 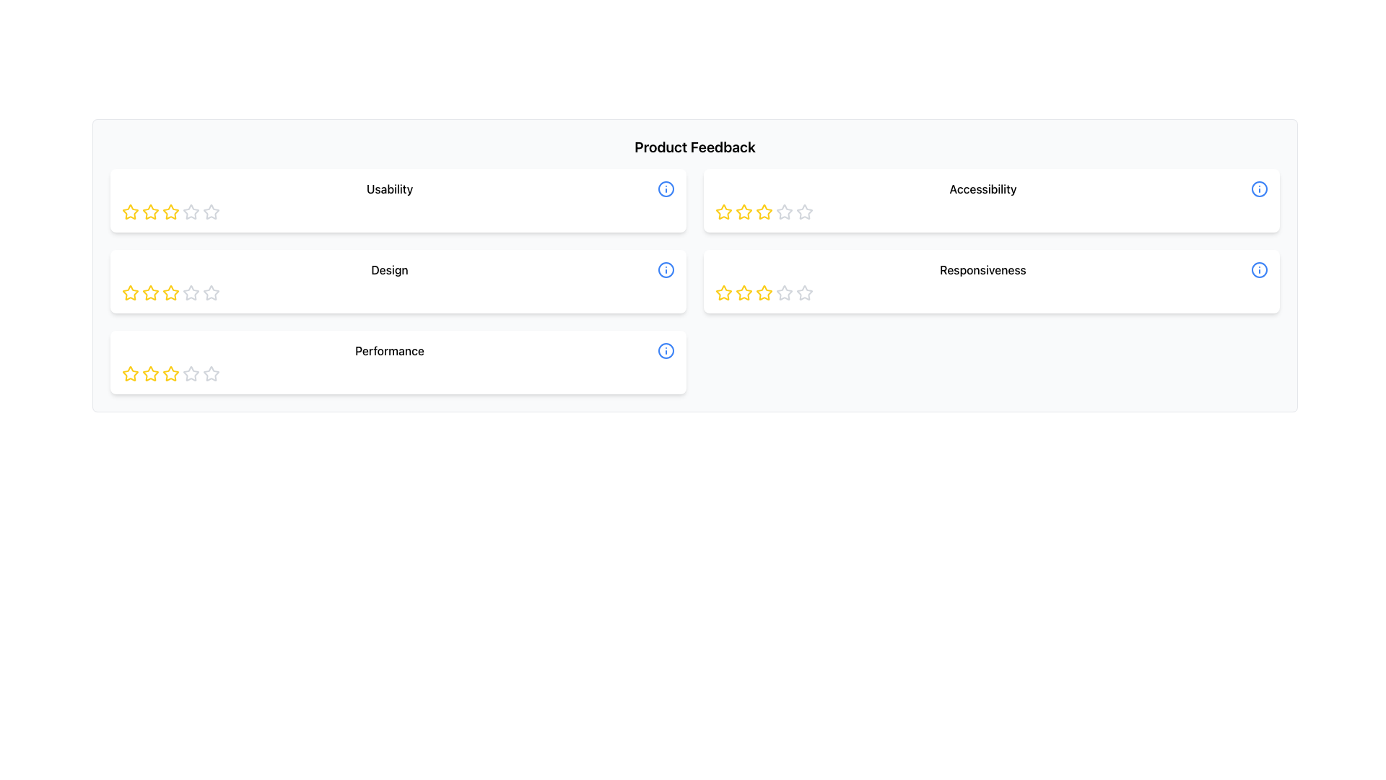 What do you see at coordinates (1259, 188) in the screenshot?
I see `the circular outline within the information icon located to the right of the 'Accessibility' label` at bounding box center [1259, 188].